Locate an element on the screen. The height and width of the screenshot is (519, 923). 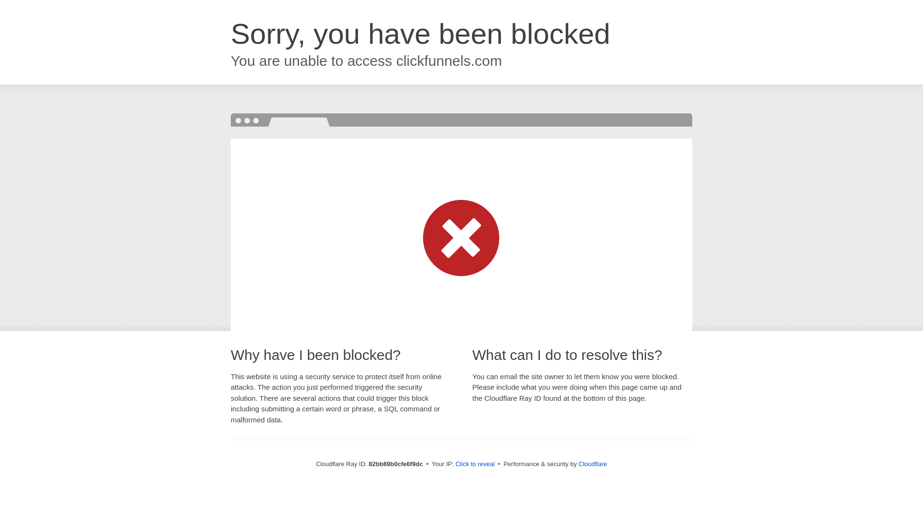
'Cloudflare' is located at coordinates (592, 463).